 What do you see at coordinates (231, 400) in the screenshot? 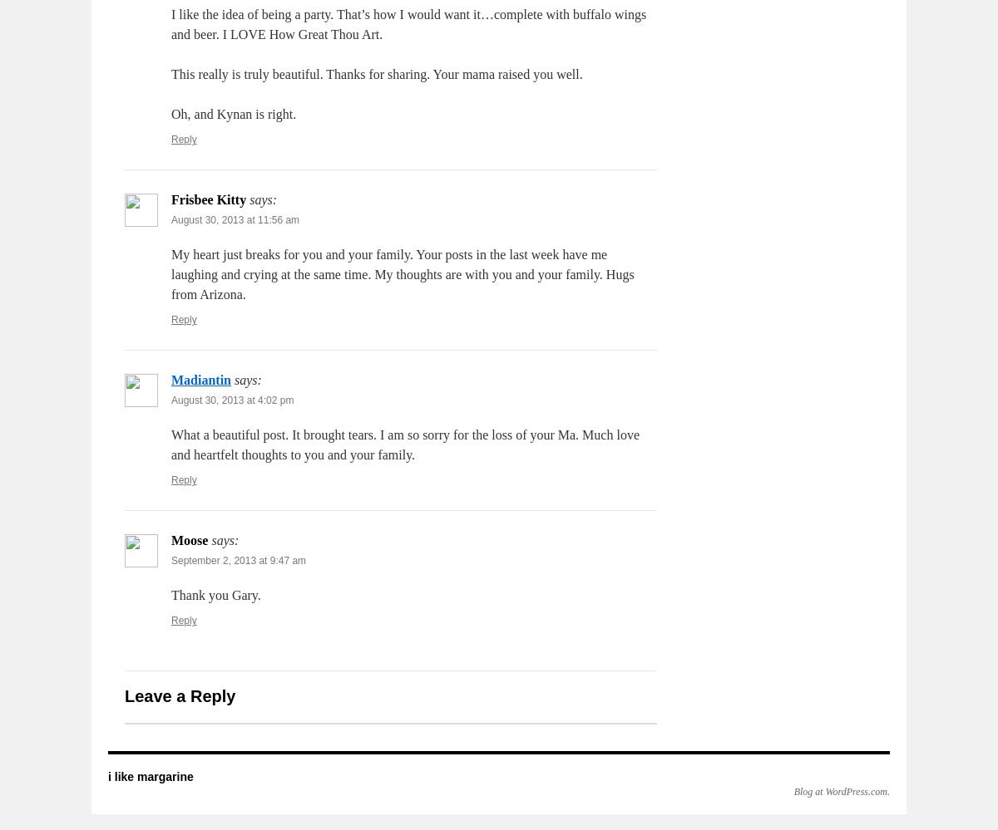
I see `'August 30, 2013 at 4:02 pm'` at bounding box center [231, 400].